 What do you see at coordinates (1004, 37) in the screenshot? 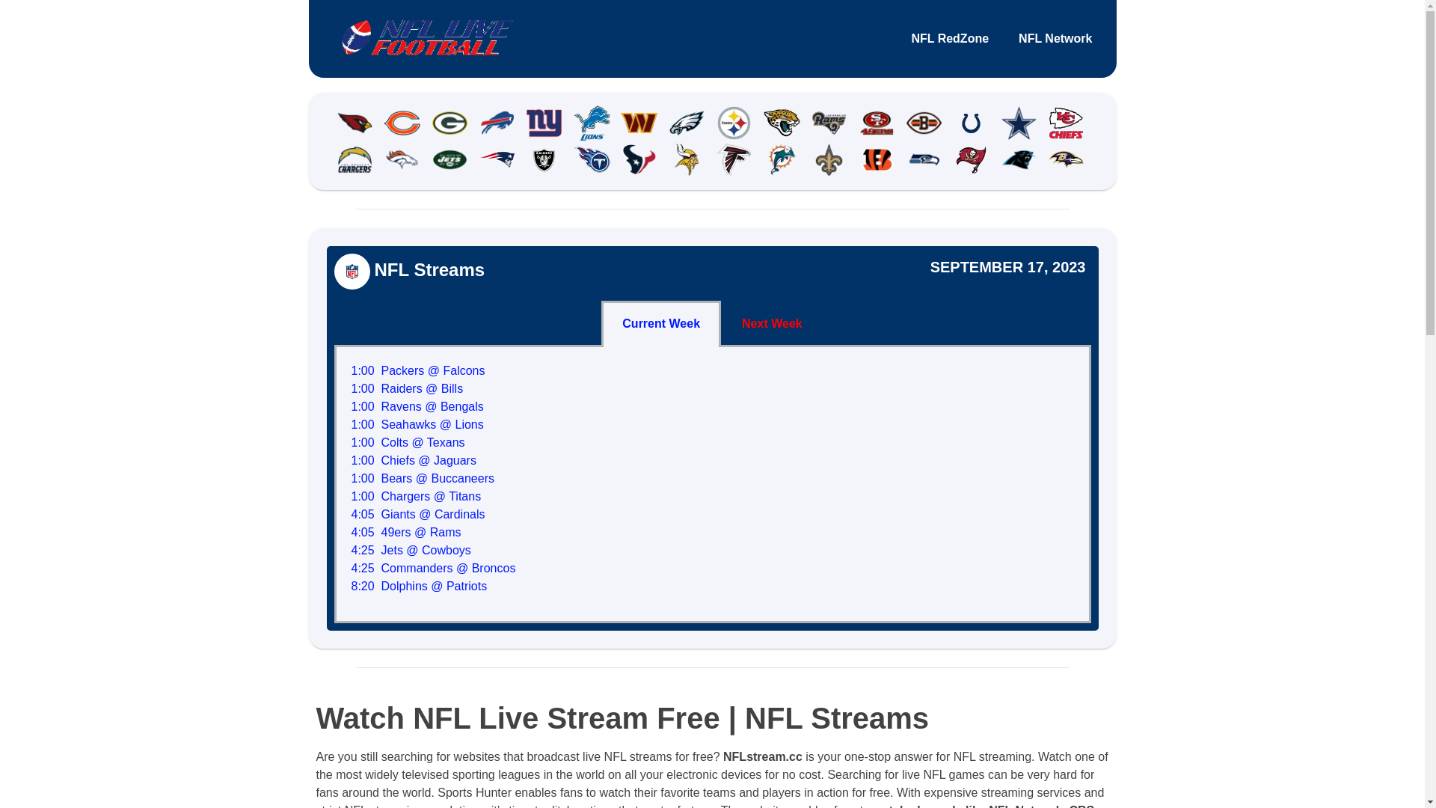
I see `'NFL Network'` at bounding box center [1004, 37].